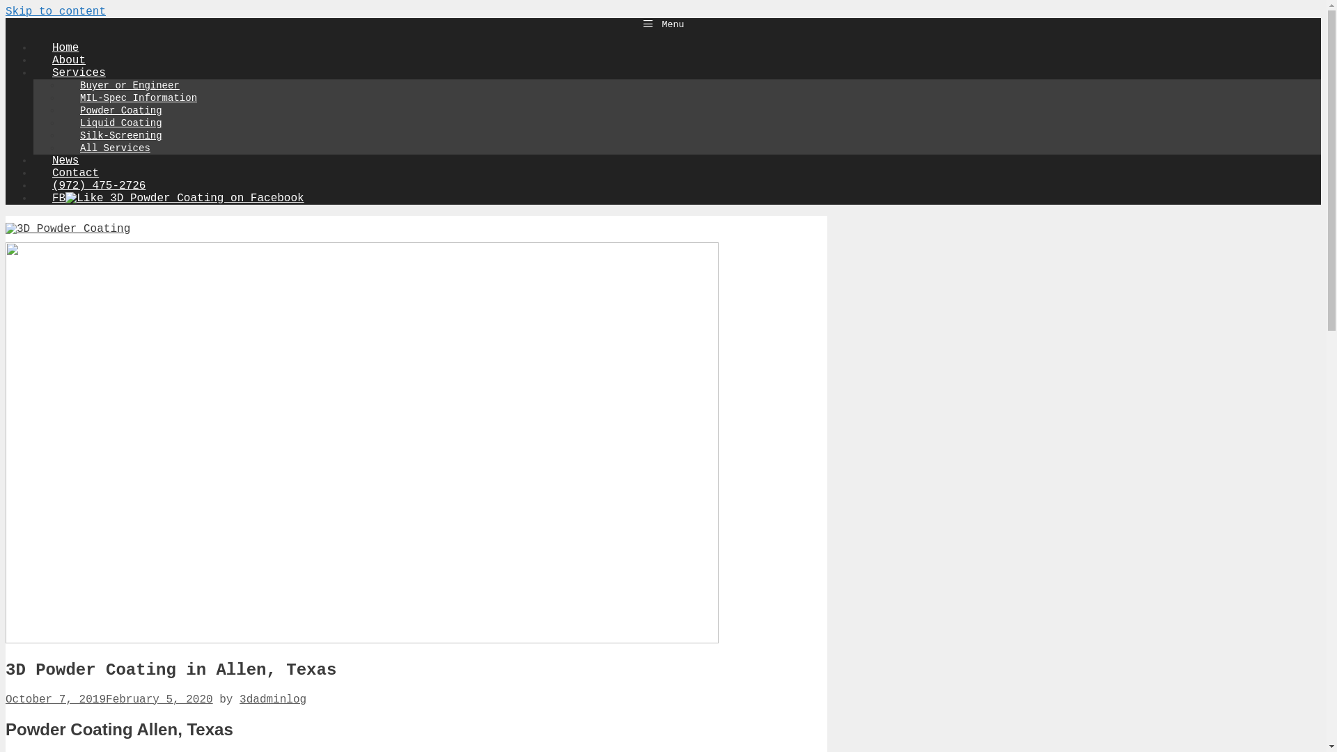 The image size is (1337, 752). What do you see at coordinates (120, 123) in the screenshot?
I see `'Liquid Coating'` at bounding box center [120, 123].